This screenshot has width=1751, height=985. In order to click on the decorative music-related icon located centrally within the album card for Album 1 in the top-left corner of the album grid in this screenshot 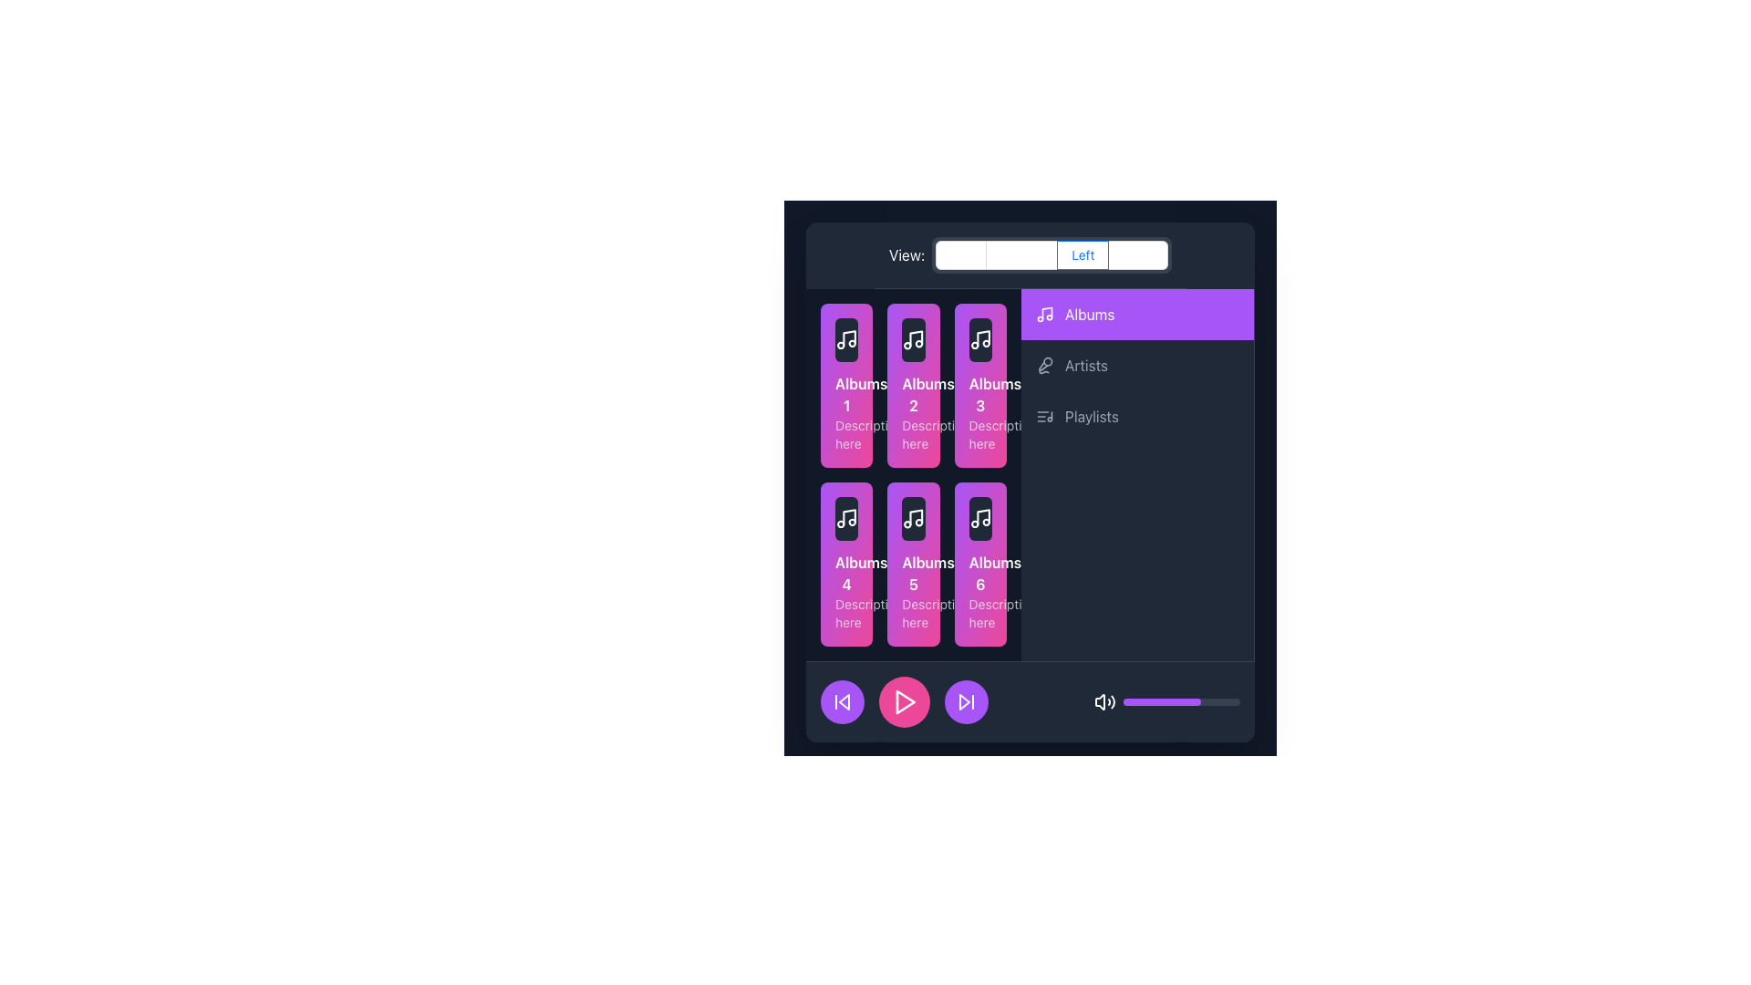, I will do `click(848, 338)`.